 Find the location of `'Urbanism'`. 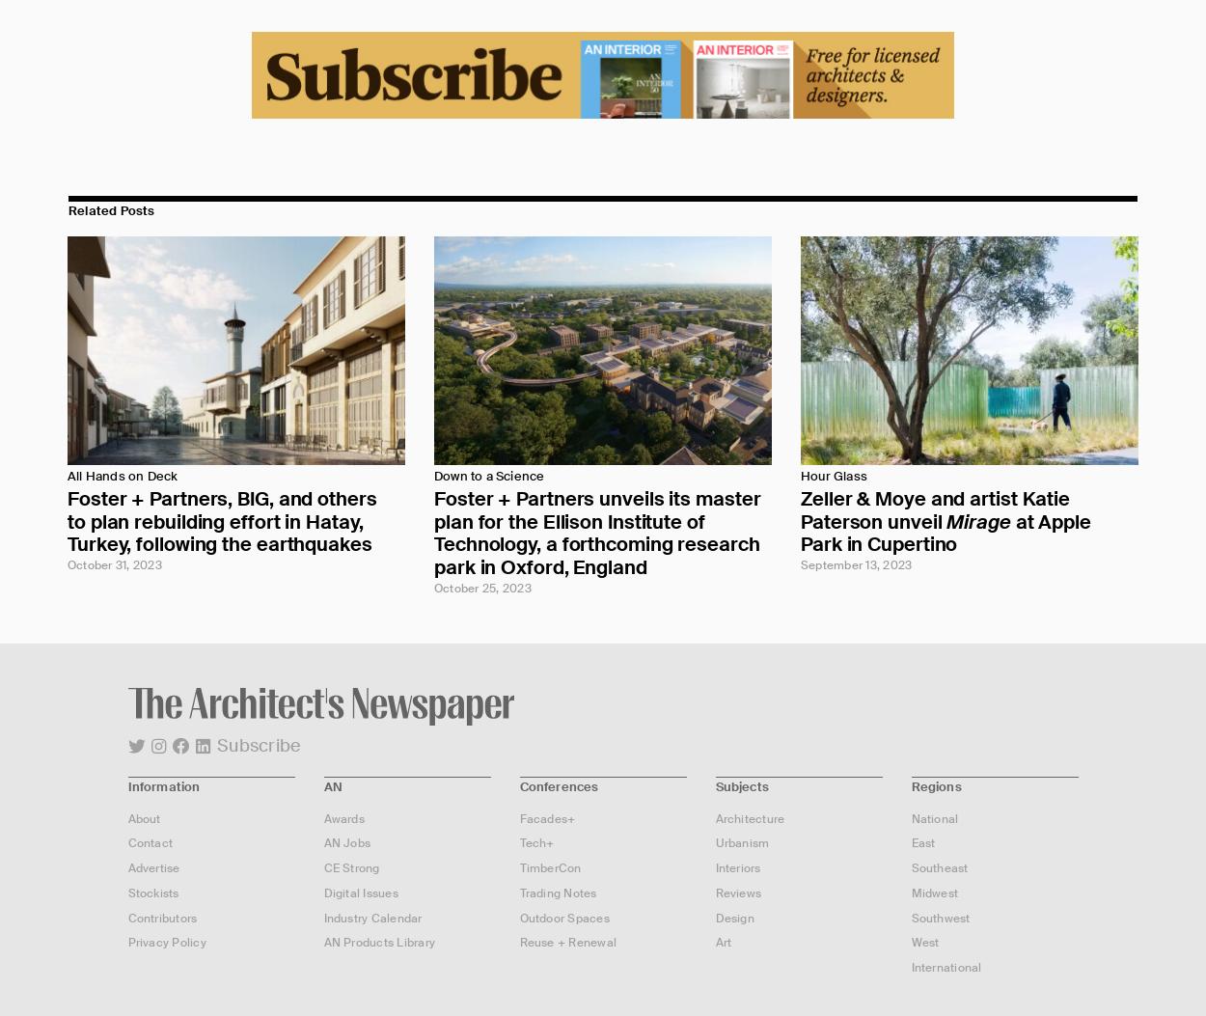

'Urbanism' is located at coordinates (742, 842).